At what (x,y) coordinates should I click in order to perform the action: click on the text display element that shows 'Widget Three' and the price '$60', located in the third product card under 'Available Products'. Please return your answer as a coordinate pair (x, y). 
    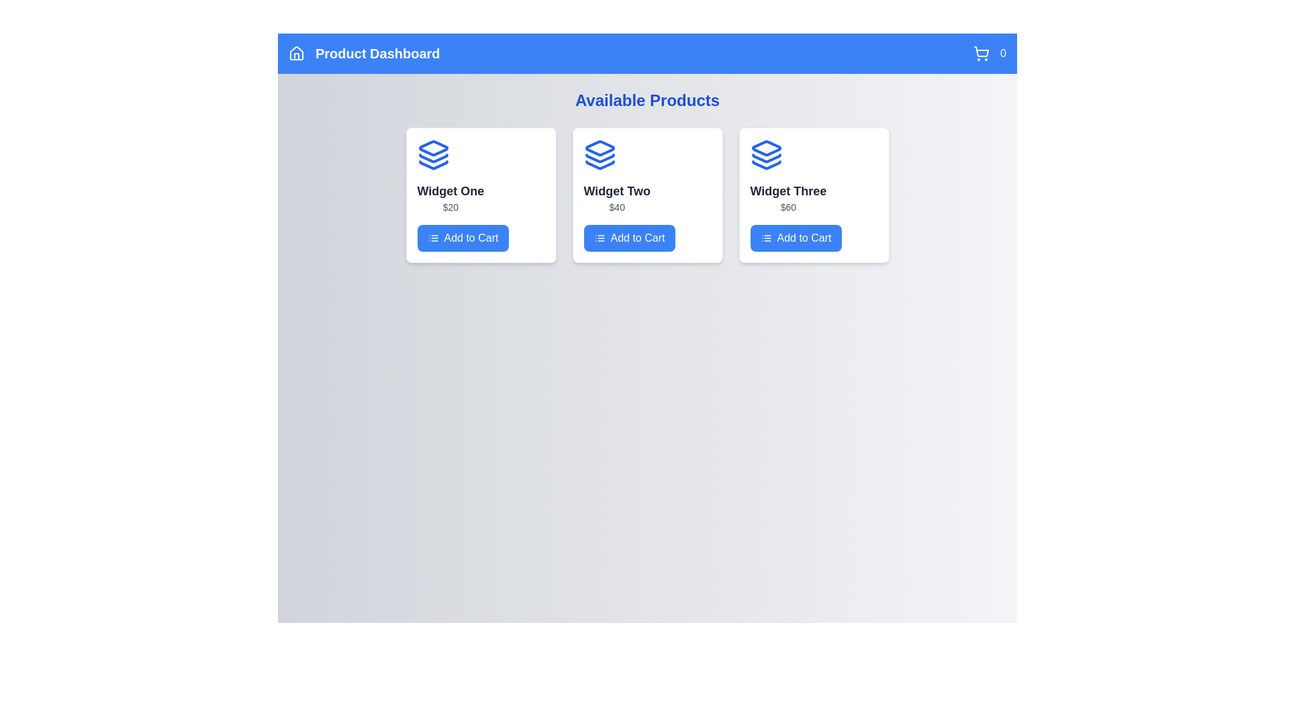
    Looking at the image, I should click on (788, 197).